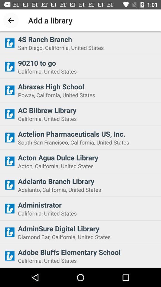 The width and height of the screenshot is (161, 287). What do you see at coordinates (87, 63) in the screenshot?
I see `item above california, united states` at bounding box center [87, 63].